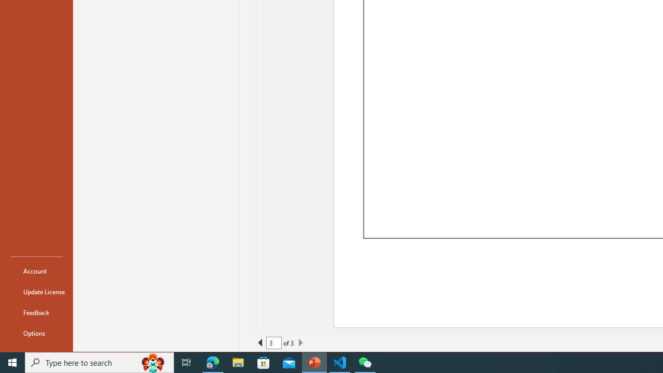 The height and width of the screenshot is (373, 663). I want to click on 'Update License', so click(37, 292).